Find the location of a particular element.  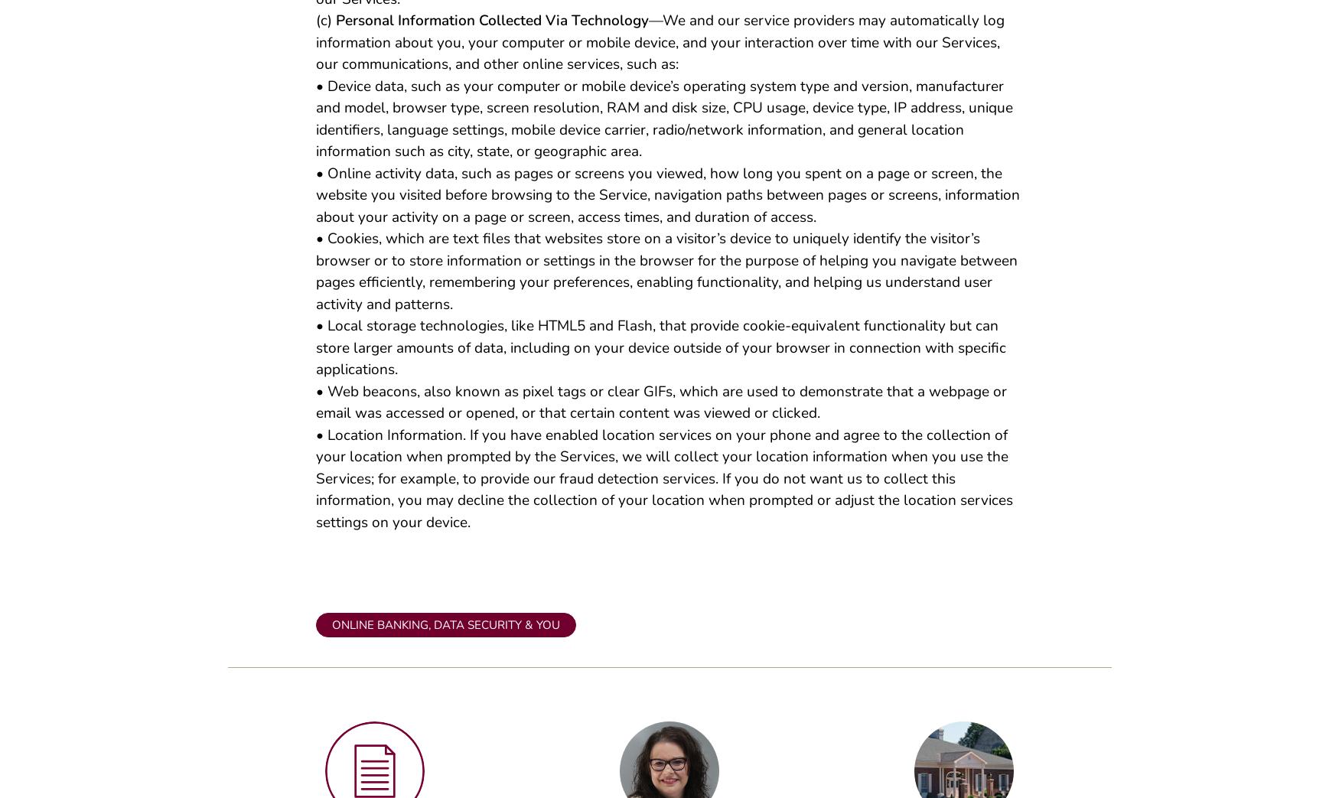

'• Web beacons, also known as pixel tags or clear GIFs, which are used to demonstrate that a webpage or email was accessed or opened, or that certain content was viewed or clicked.' is located at coordinates (660, 408).